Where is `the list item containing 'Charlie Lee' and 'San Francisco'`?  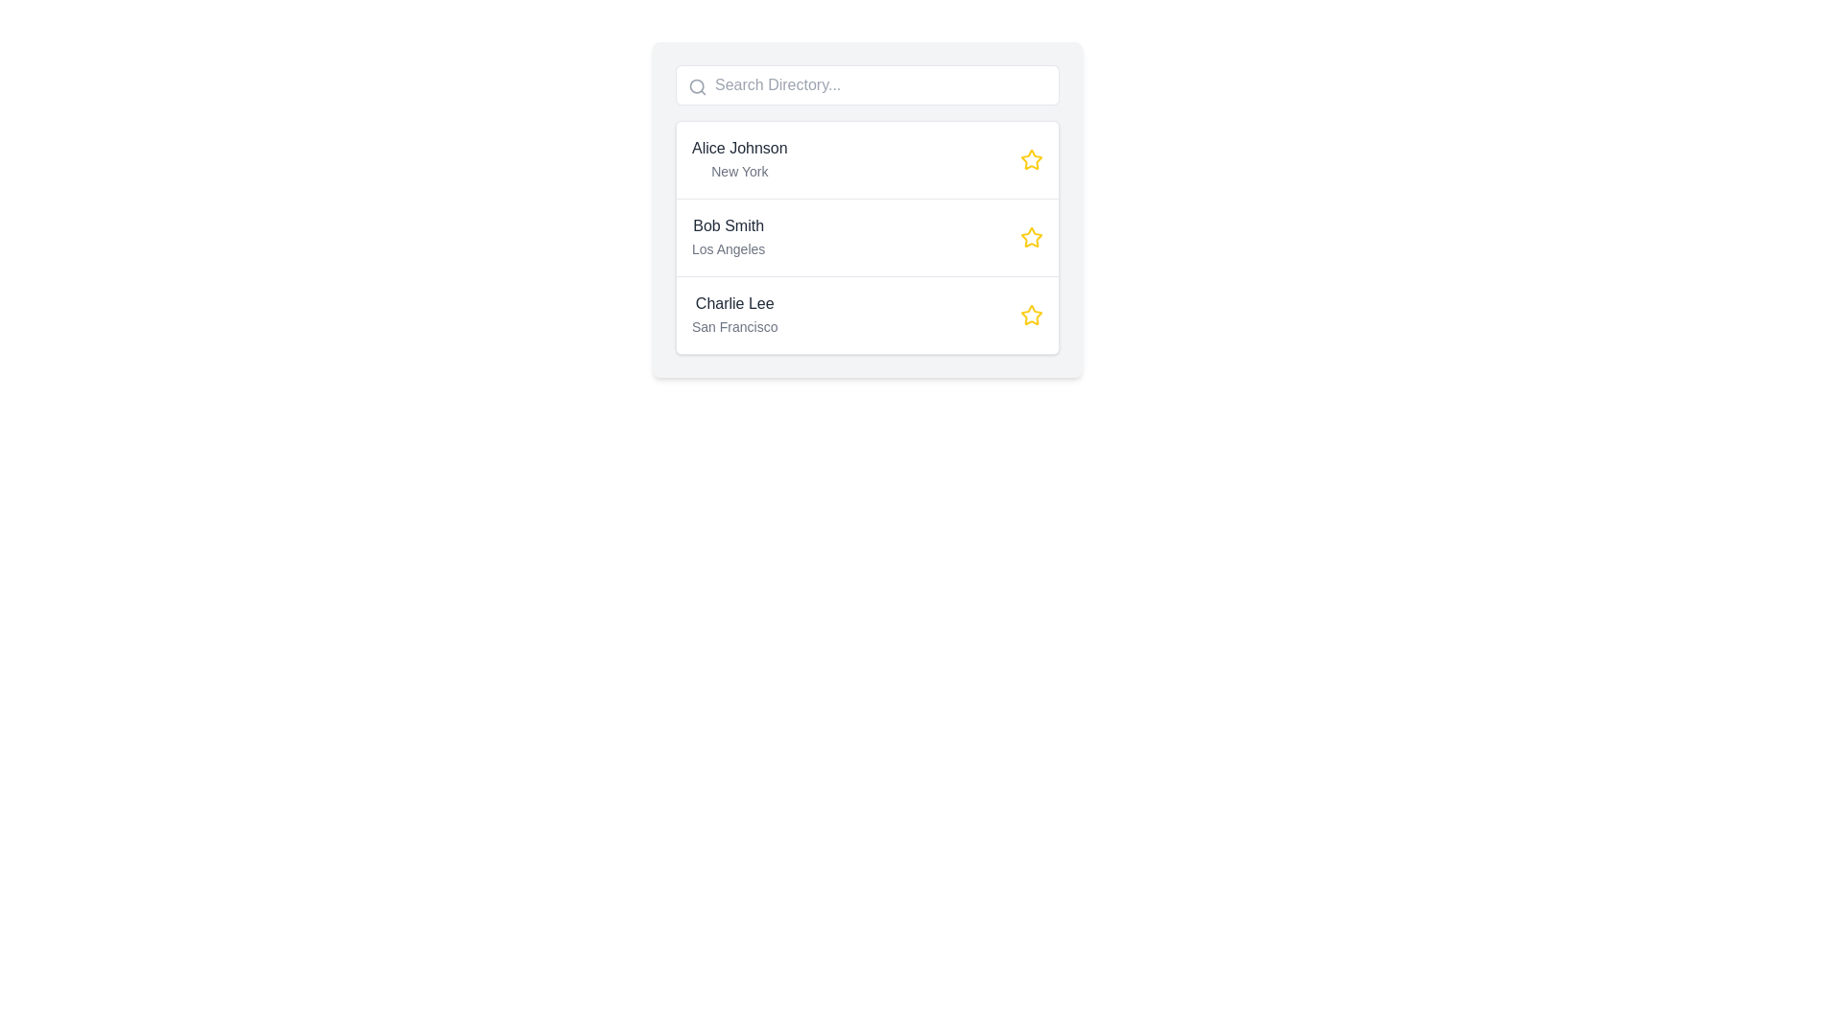
the list item containing 'Charlie Lee' and 'San Francisco' is located at coordinates (866, 314).